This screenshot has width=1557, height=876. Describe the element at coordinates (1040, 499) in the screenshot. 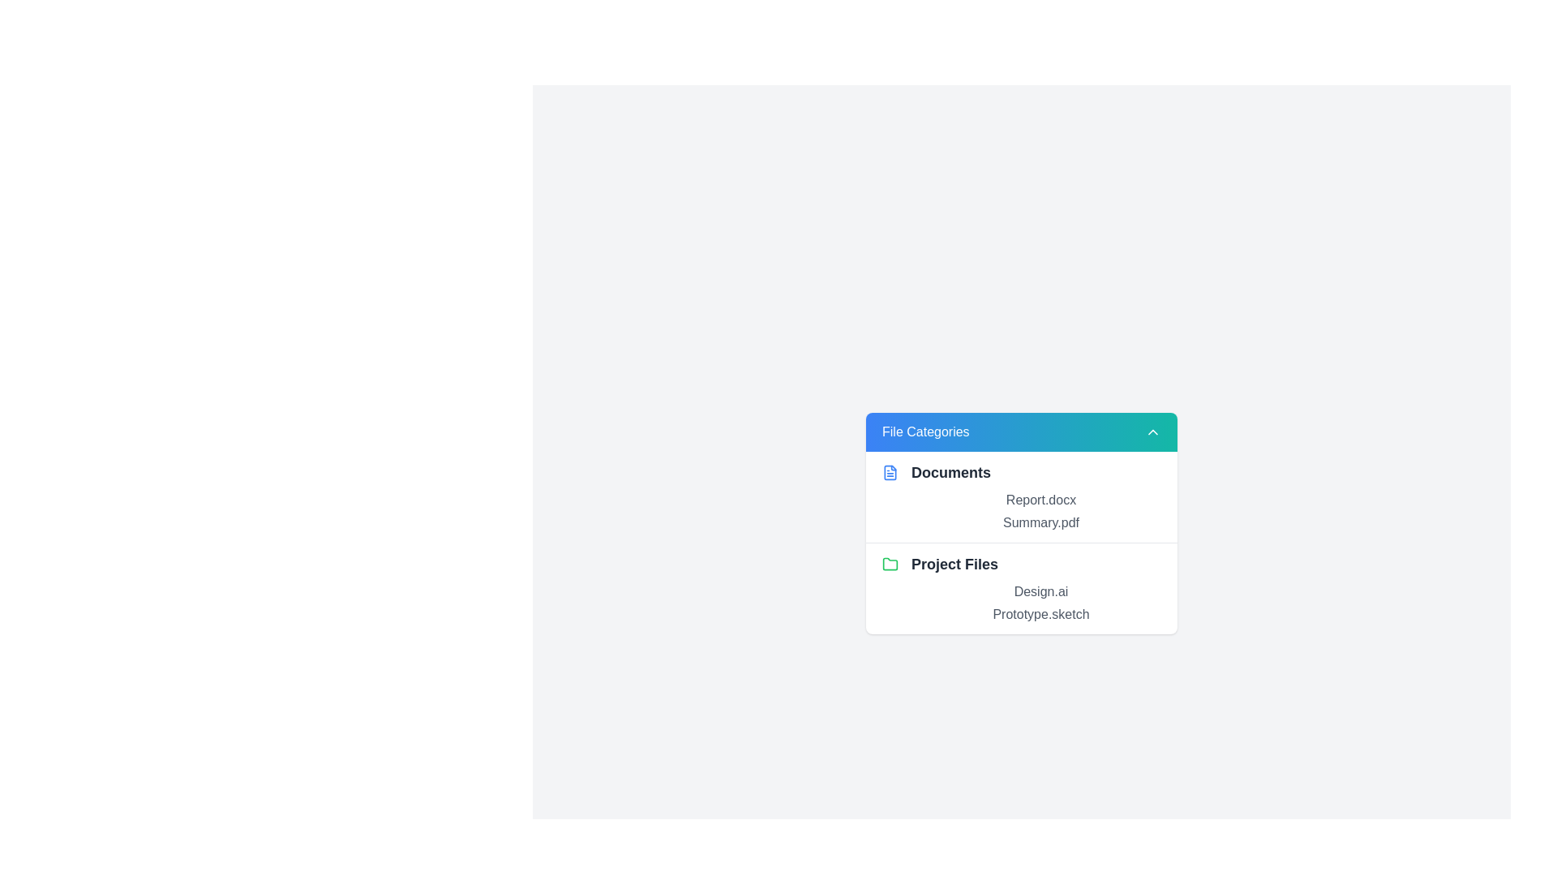

I see `the text link labeled 'Report.docx', which is the first file entry under the 'Documents' section` at that location.